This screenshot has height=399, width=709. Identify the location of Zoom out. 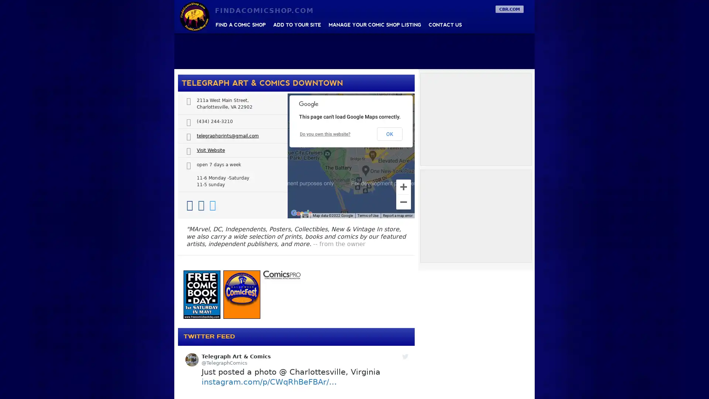
(403, 202).